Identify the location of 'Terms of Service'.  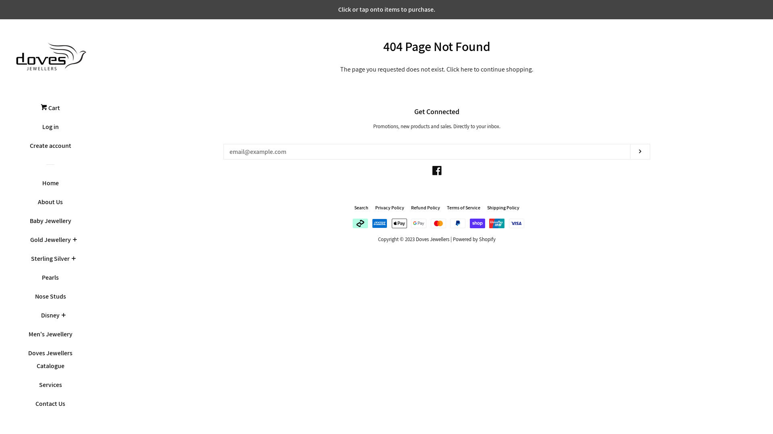
(446, 207).